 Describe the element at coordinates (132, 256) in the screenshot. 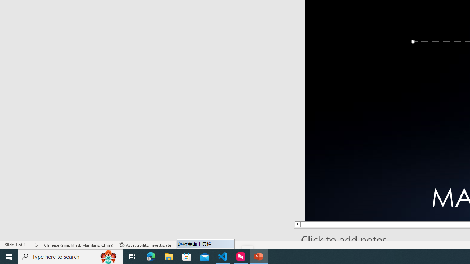

I see `'Task View'` at that location.